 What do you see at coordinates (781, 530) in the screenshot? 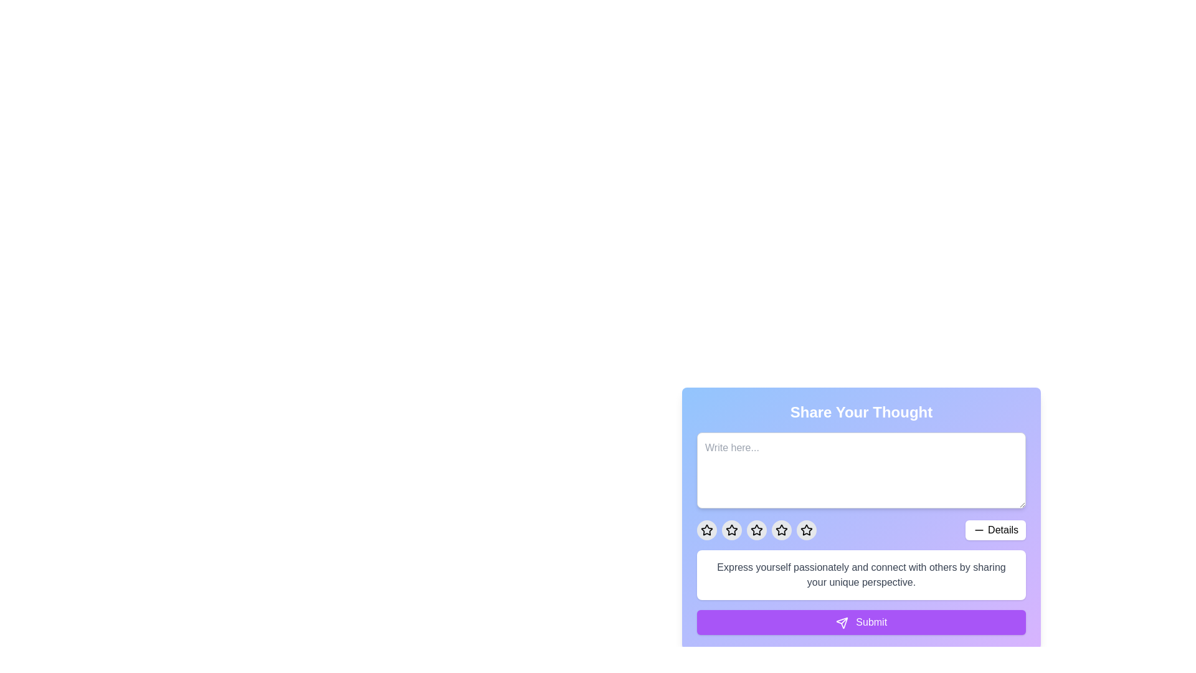
I see `the fourth star icon button in the rating system` at bounding box center [781, 530].